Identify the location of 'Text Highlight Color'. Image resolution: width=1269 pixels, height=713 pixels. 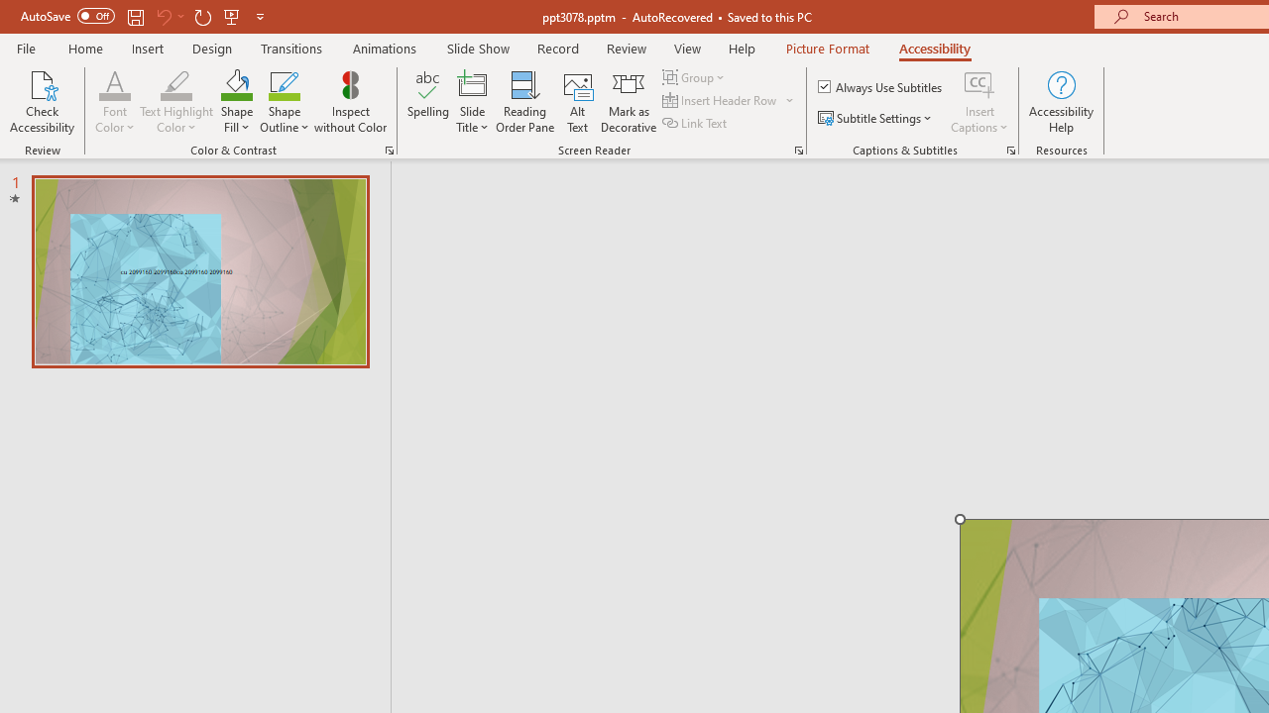
(176, 83).